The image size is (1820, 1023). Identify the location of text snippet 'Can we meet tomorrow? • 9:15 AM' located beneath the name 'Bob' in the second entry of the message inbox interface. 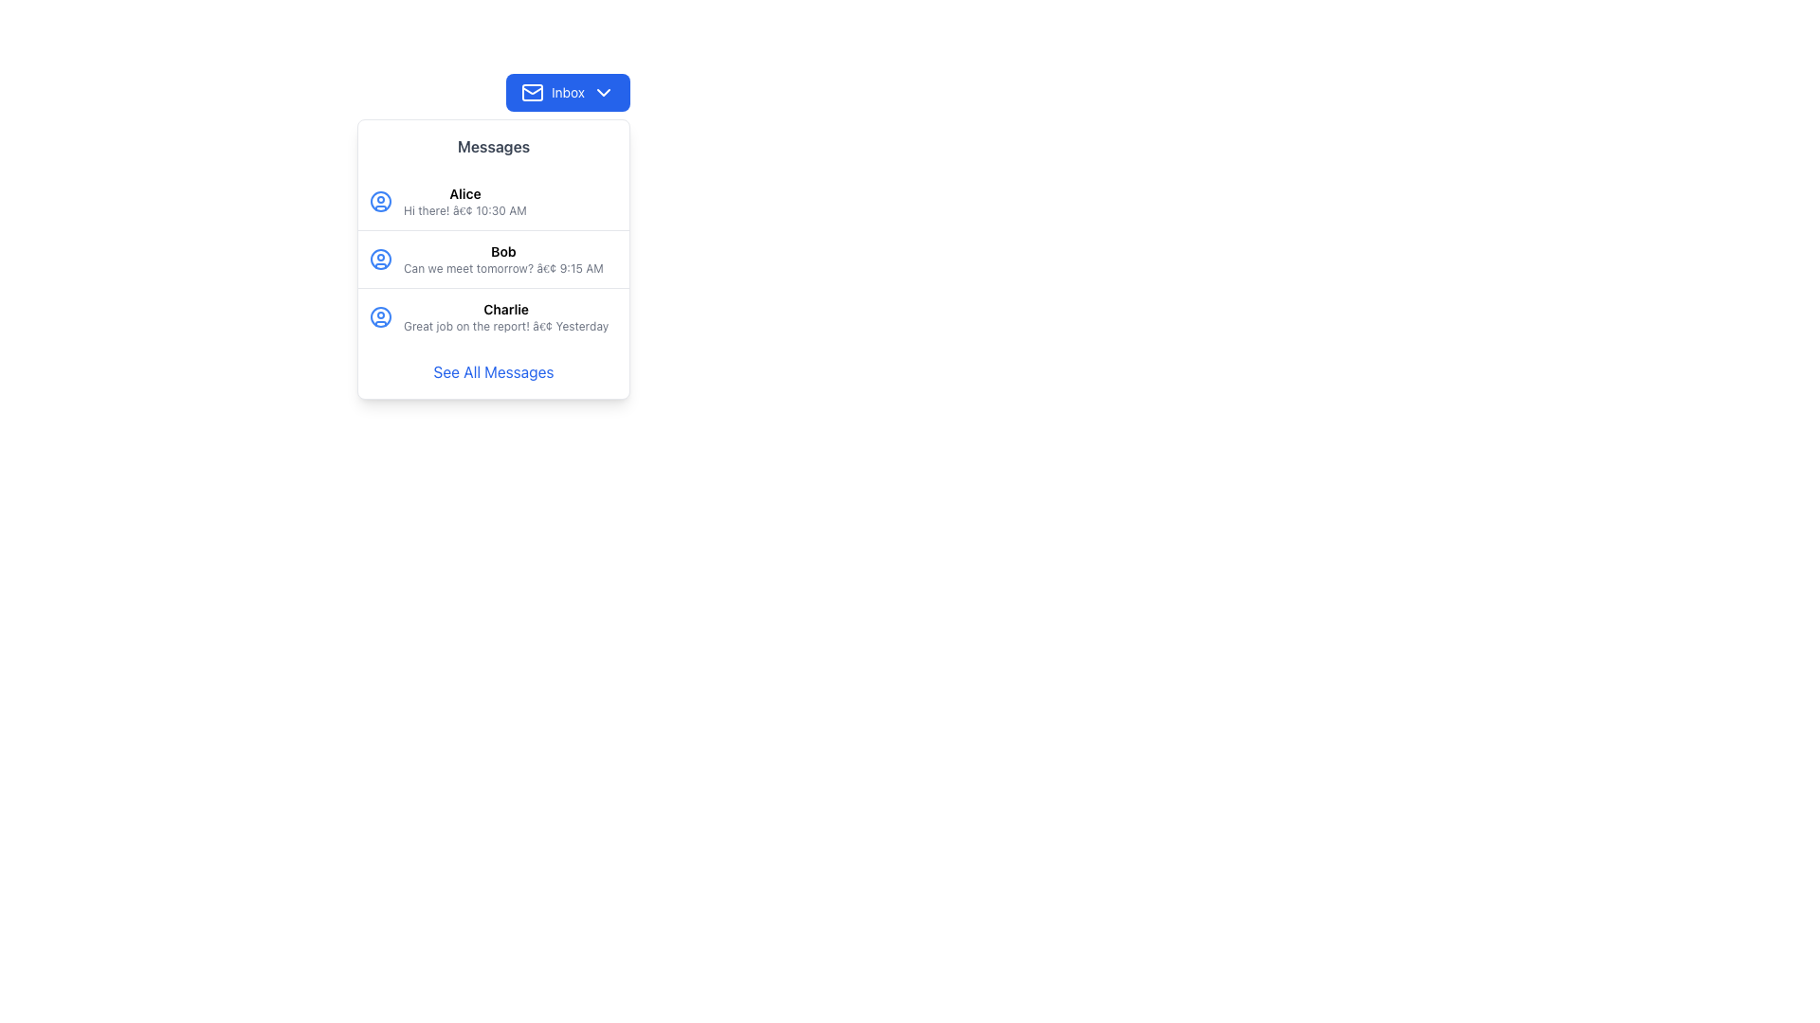
(503, 269).